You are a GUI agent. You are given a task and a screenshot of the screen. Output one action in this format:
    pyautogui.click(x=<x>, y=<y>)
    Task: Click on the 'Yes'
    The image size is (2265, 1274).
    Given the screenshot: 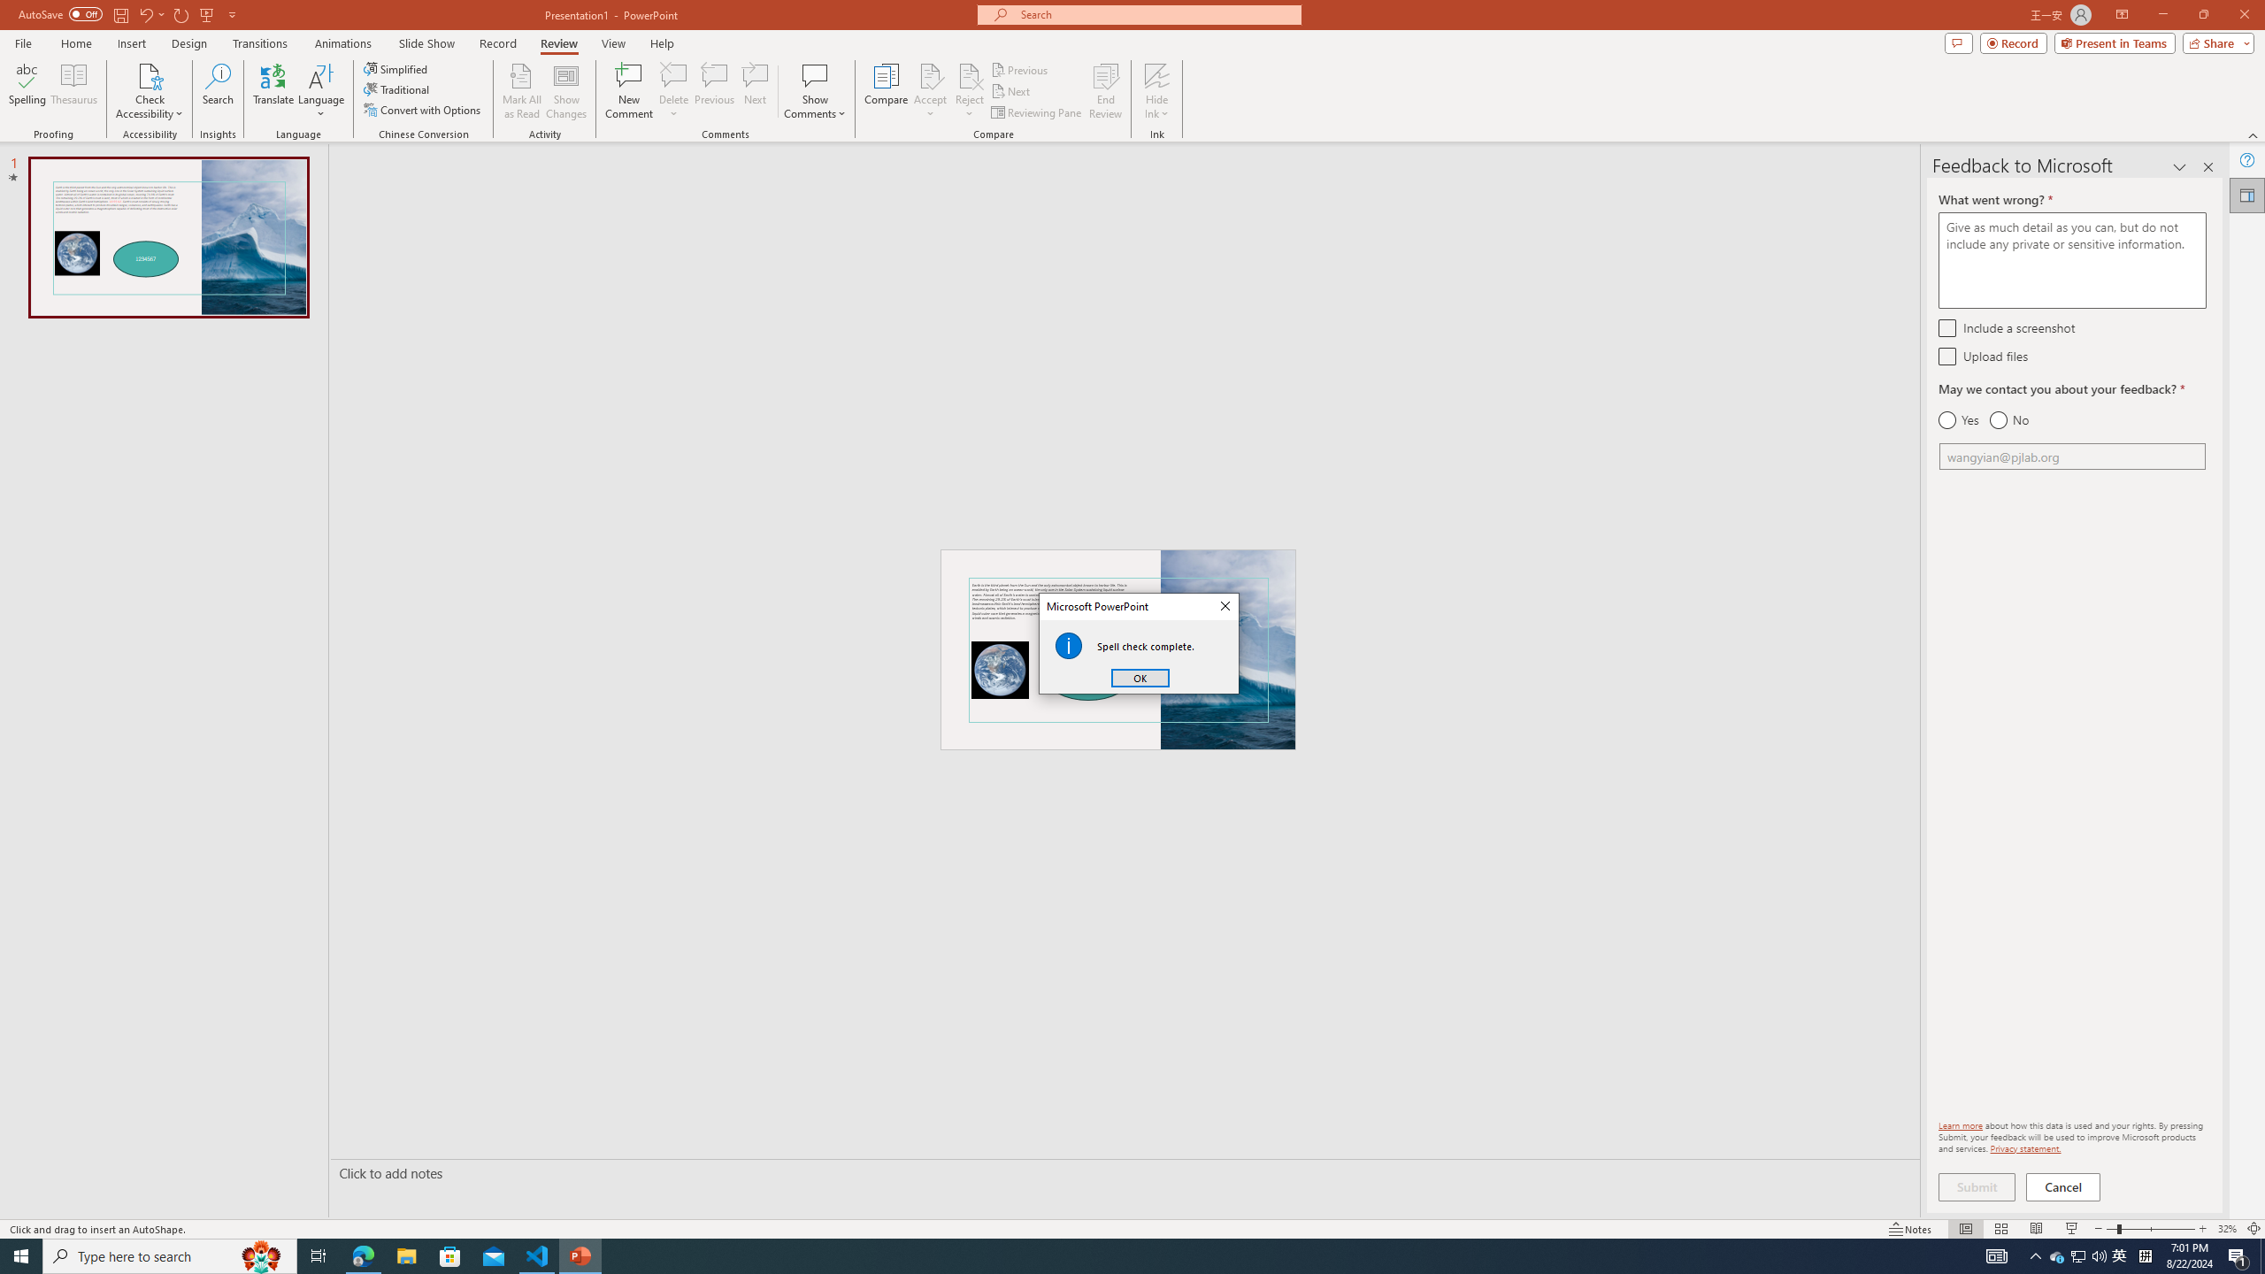 What is the action you would take?
    pyautogui.click(x=1958, y=419)
    